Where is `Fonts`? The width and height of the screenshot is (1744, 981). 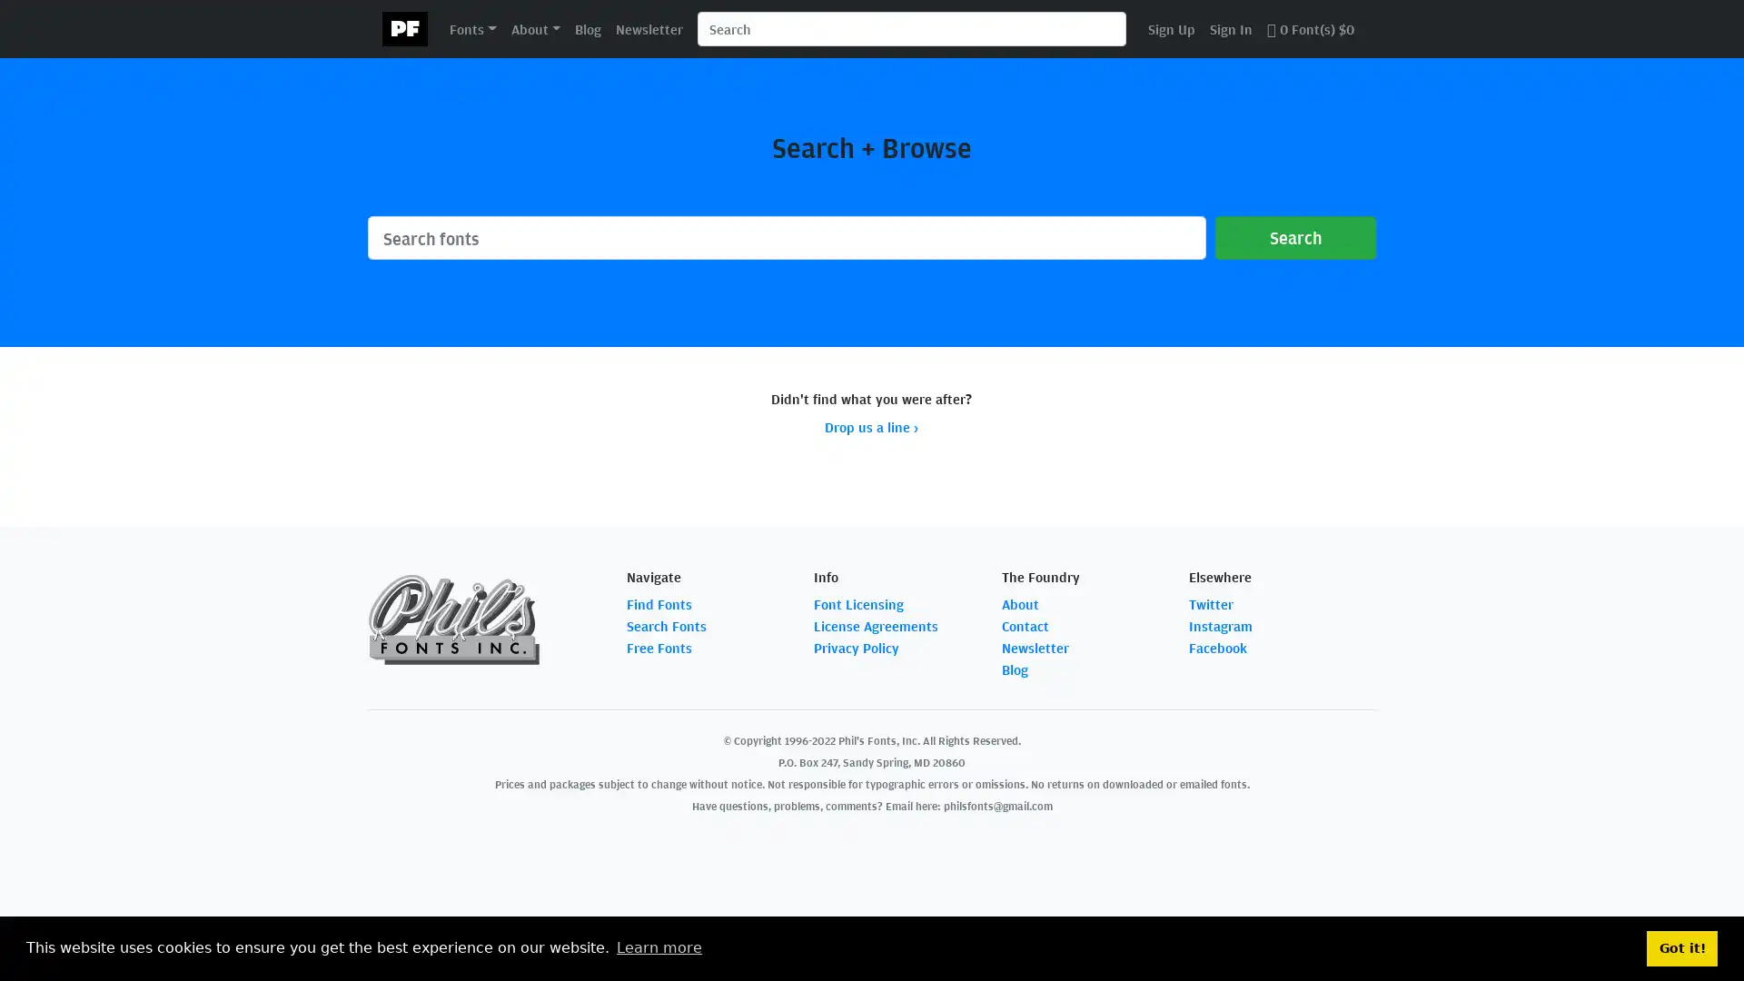
Fonts is located at coordinates (472, 27).